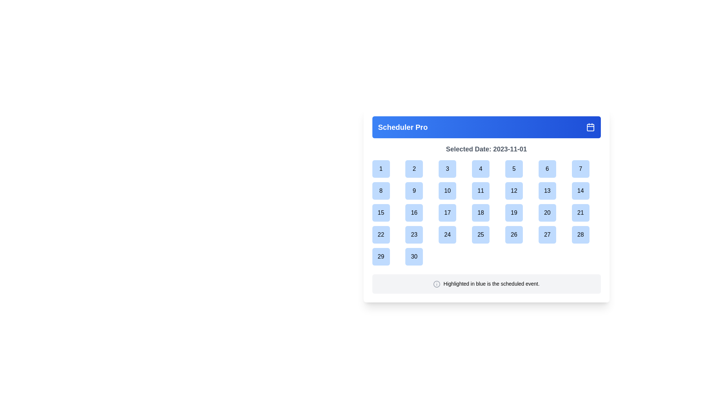 This screenshot has height=395, width=703. Describe the element at coordinates (414, 234) in the screenshot. I see `the button representing the 23rd day in the calendar interface` at that location.